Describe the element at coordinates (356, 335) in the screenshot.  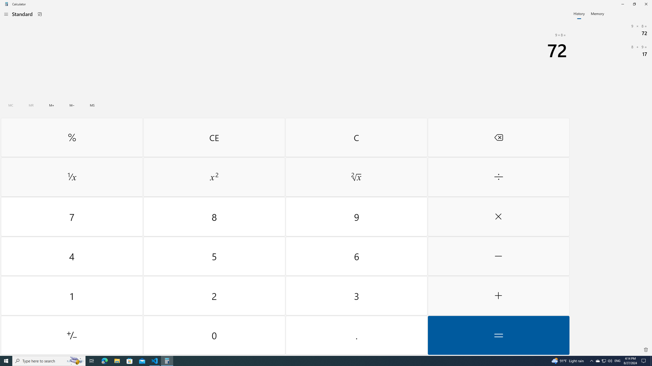
I see `'Decimal separator'` at that location.